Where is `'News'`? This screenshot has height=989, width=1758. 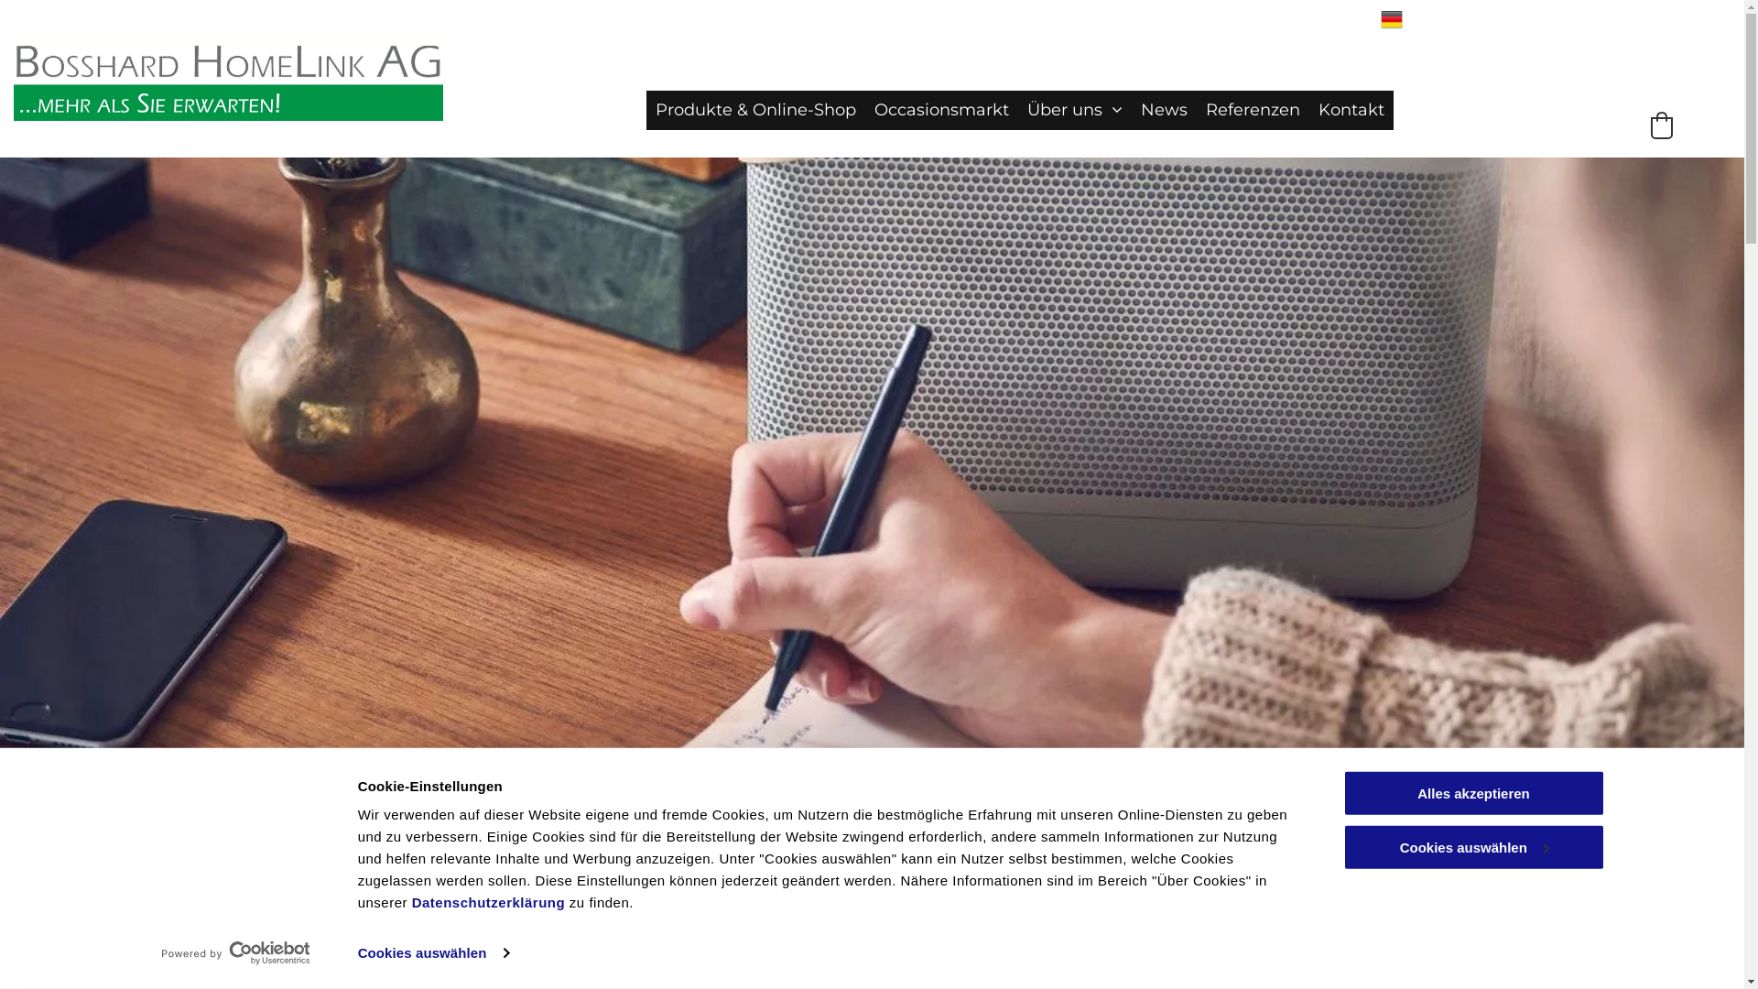 'News' is located at coordinates (1163, 110).